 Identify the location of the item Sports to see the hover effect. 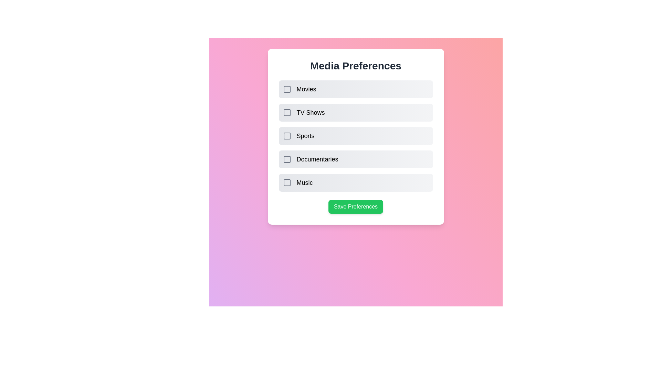
(356, 136).